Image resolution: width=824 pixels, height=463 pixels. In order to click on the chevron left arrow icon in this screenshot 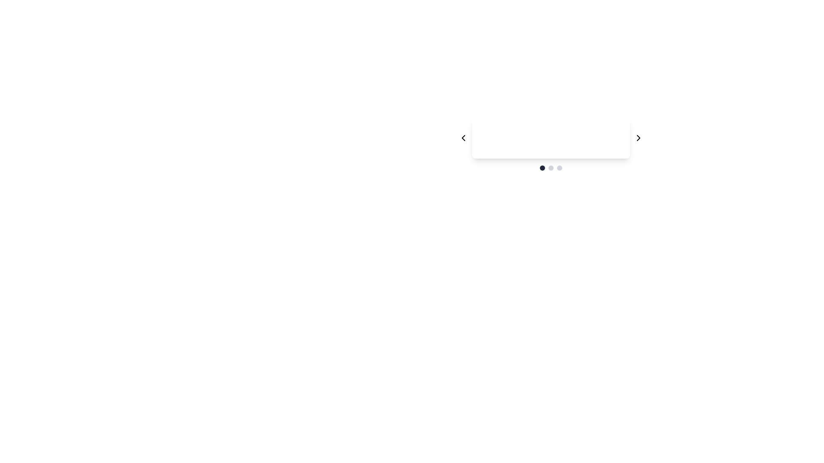, I will do `click(463, 137)`.